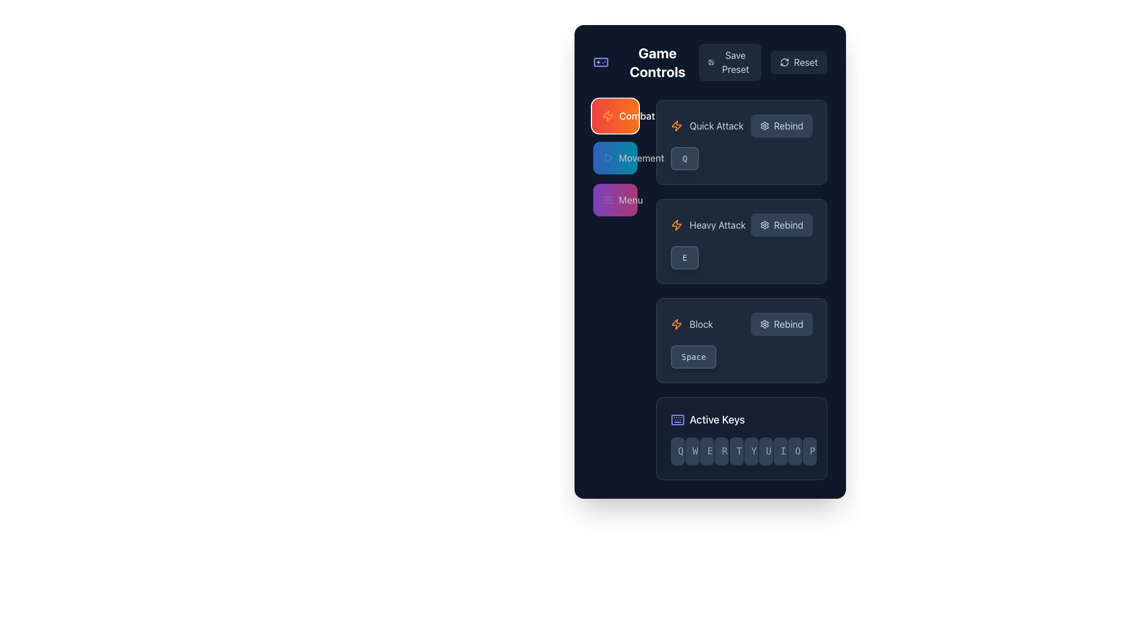 The width and height of the screenshot is (1121, 630). I want to click on the Static text button labeled 'W' with a dark background and light gray text, located in the 'Active Keys' section, so click(692, 451).